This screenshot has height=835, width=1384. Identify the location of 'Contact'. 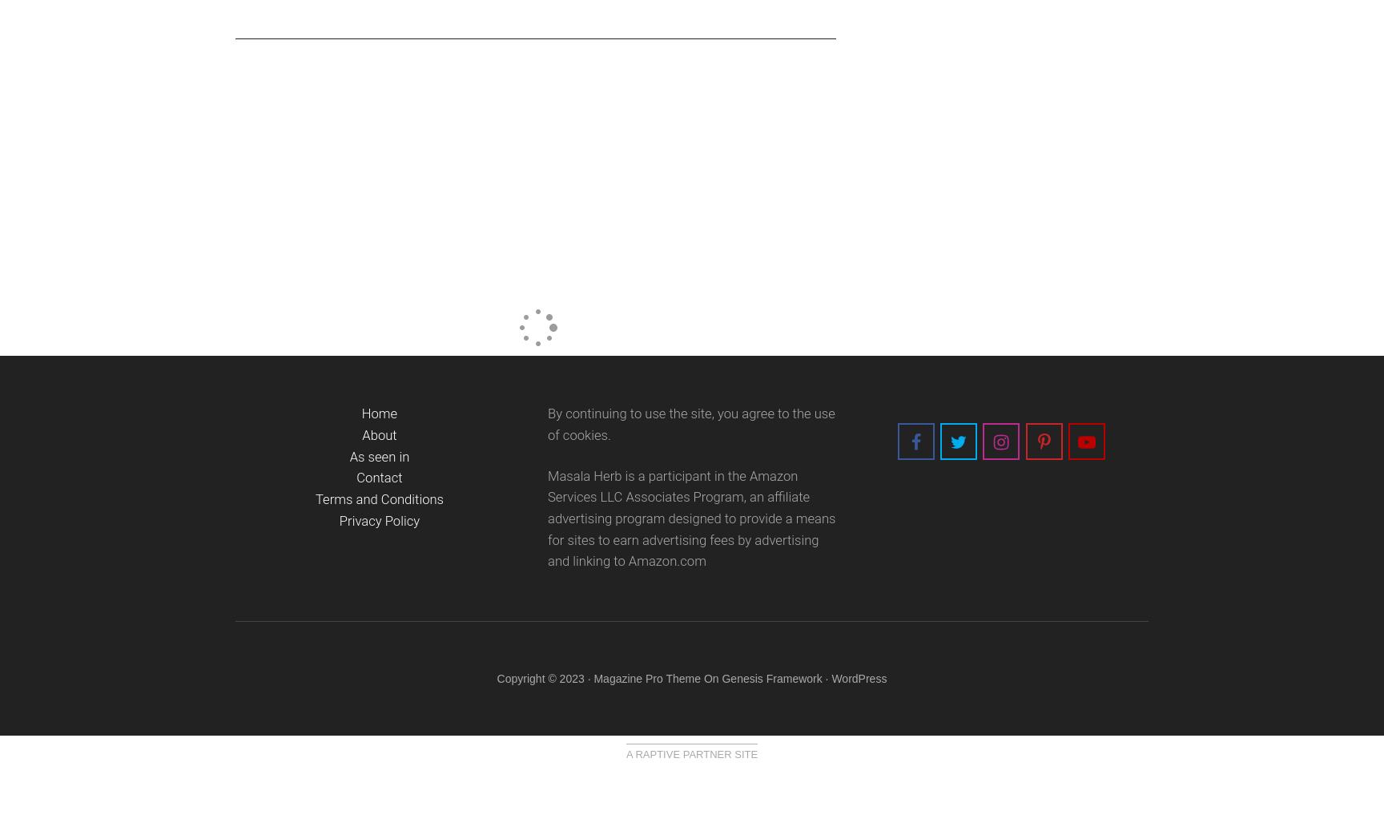
(379, 477).